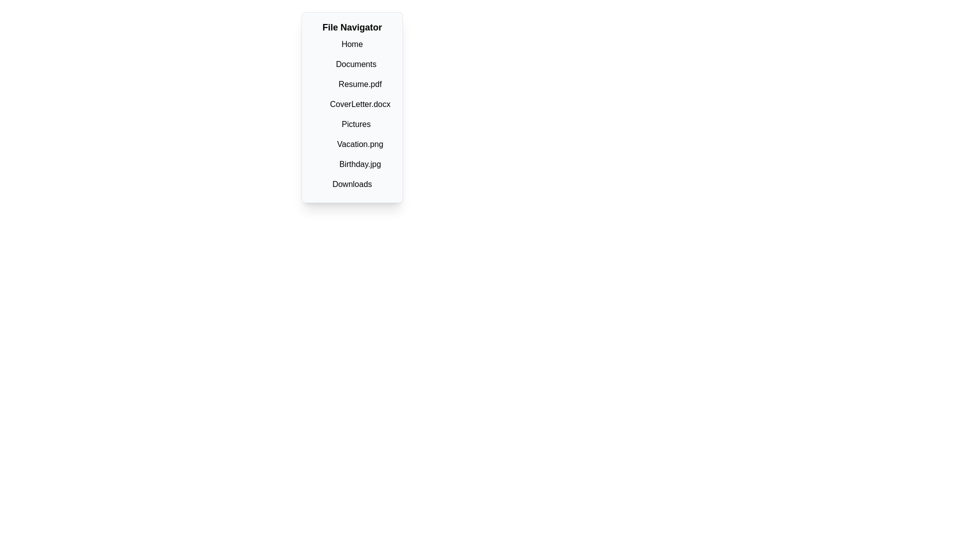  What do you see at coordinates (360, 144) in the screenshot?
I see `the text label representing the file named 'Vacation.png'` at bounding box center [360, 144].